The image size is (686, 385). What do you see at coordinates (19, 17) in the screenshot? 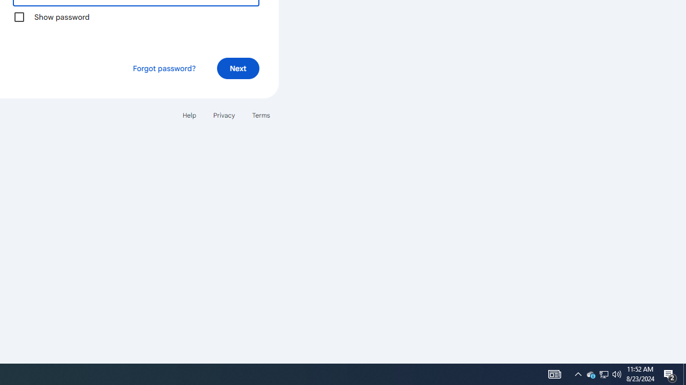
I see `'Show password'` at bounding box center [19, 17].